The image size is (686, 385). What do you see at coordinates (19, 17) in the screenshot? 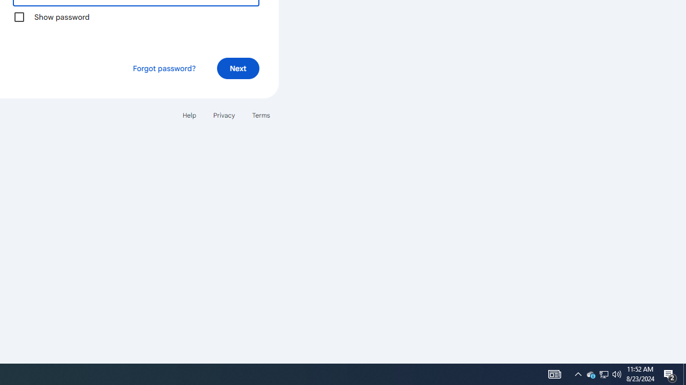
I see `'Show password'` at bounding box center [19, 17].